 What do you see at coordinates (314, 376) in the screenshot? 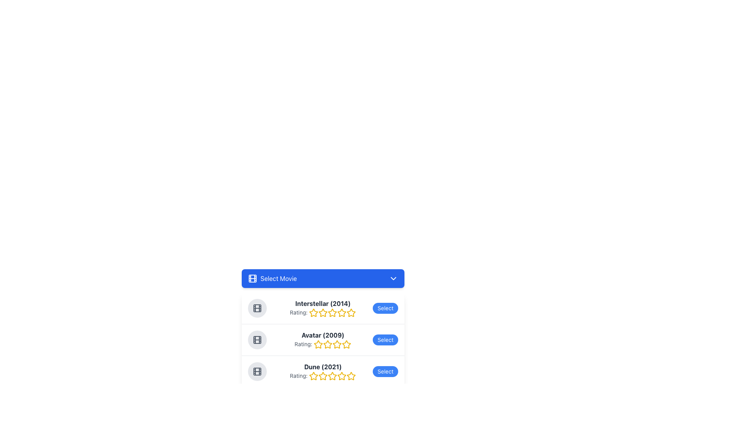
I see `the first yellow star icon in the rating section for the movie 'Dune (2021)'` at bounding box center [314, 376].